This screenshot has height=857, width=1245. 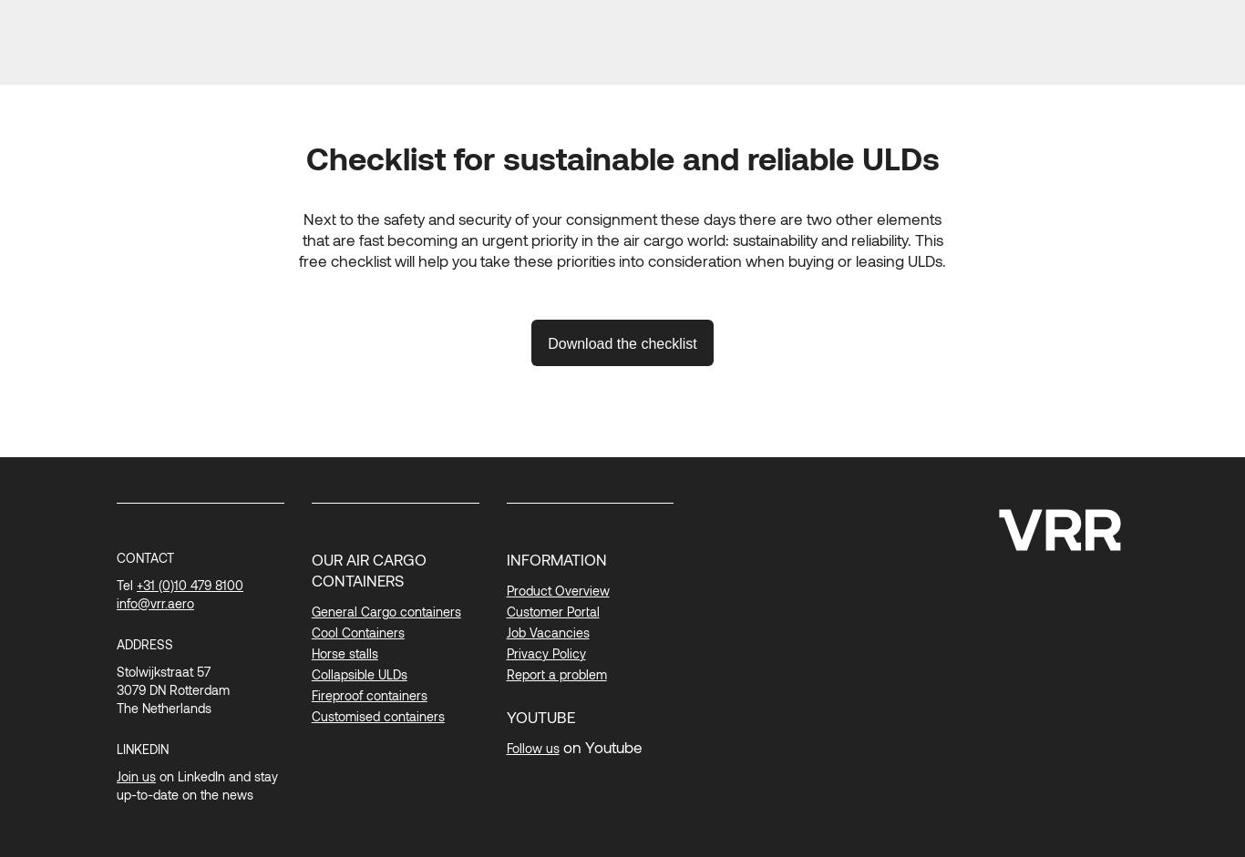 What do you see at coordinates (135, 774) in the screenshot?
I see `'Join us'` at bounding box center [135, 774].